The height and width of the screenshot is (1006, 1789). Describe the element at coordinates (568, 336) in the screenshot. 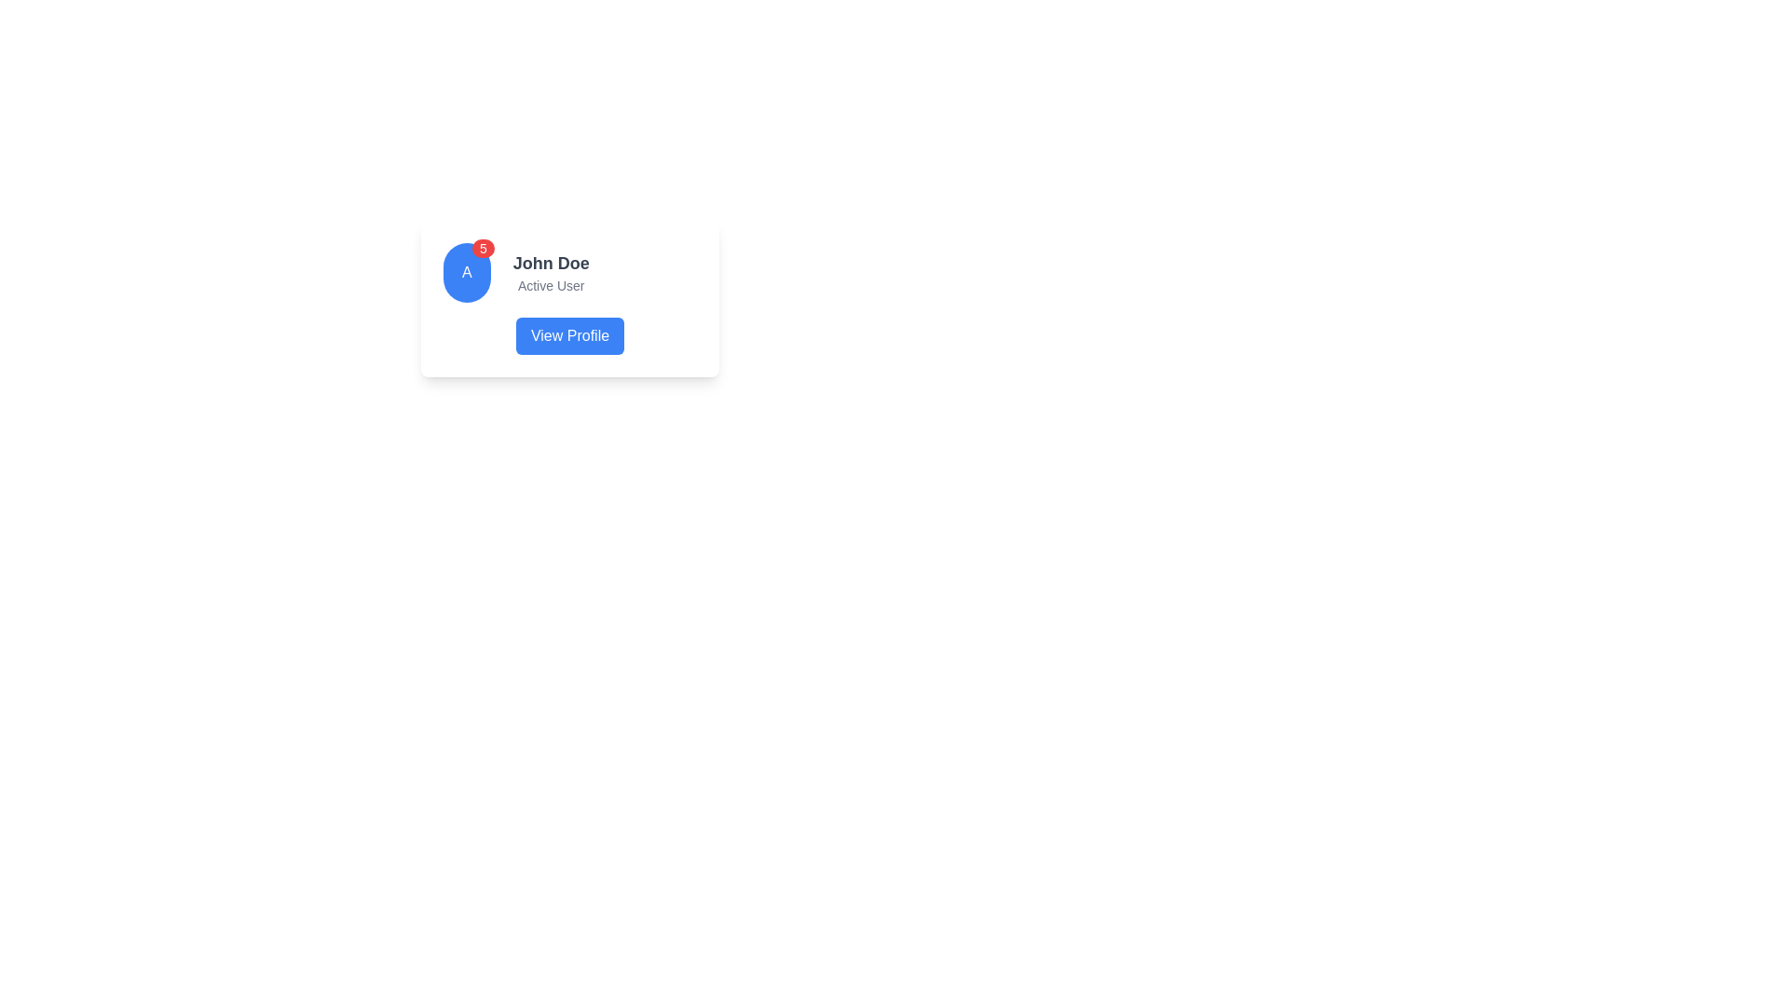

I see `the 'View Profile' button, which is a rectangular button with a blue background and white text, located at the bottom center of the user information card` at that location.